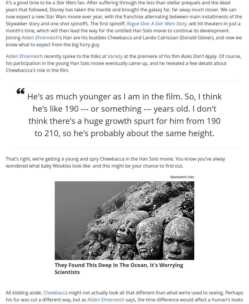  I want to click on 'Rogue One: A Star Wars Story', so click(156, 24).